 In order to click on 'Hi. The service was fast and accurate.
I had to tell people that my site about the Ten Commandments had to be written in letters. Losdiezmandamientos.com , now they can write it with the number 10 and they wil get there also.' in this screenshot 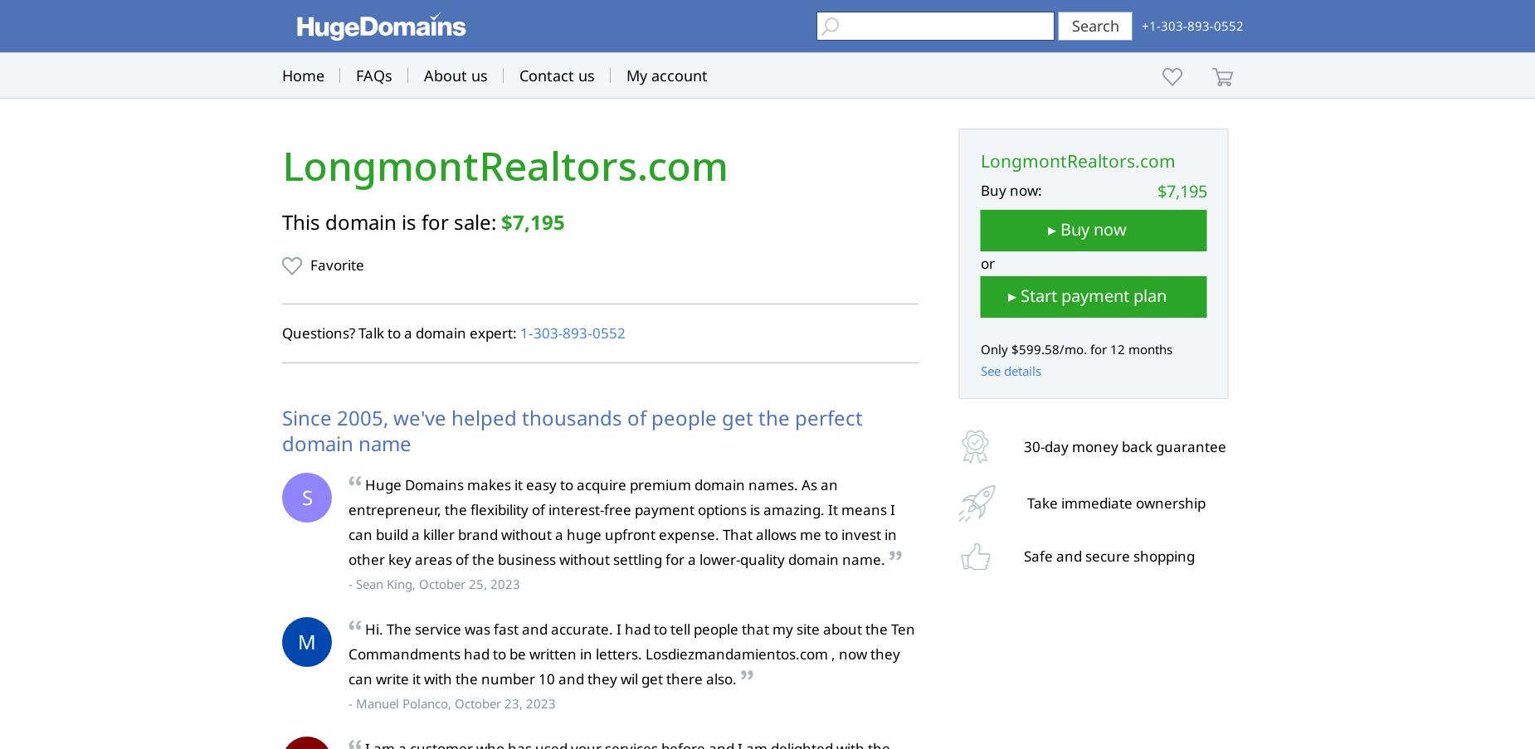, I will do `click(347, 652)`.